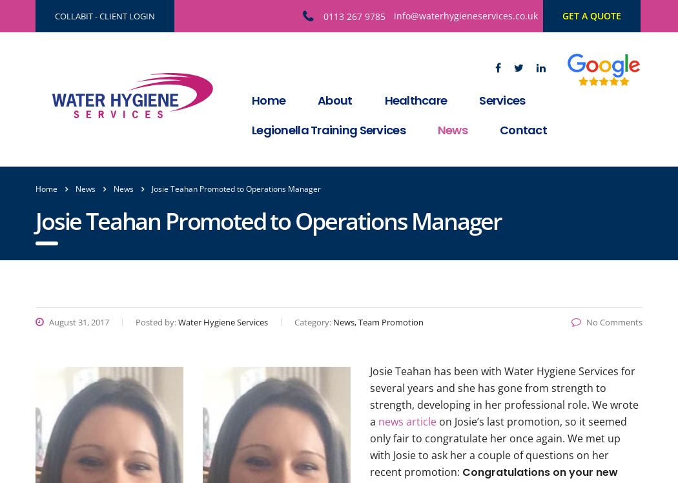 This screenshot has height=483, width=678. Describe the element at coordinates (251, 130) in the screenshot. I see `'Legionella Training Services'` at that location.